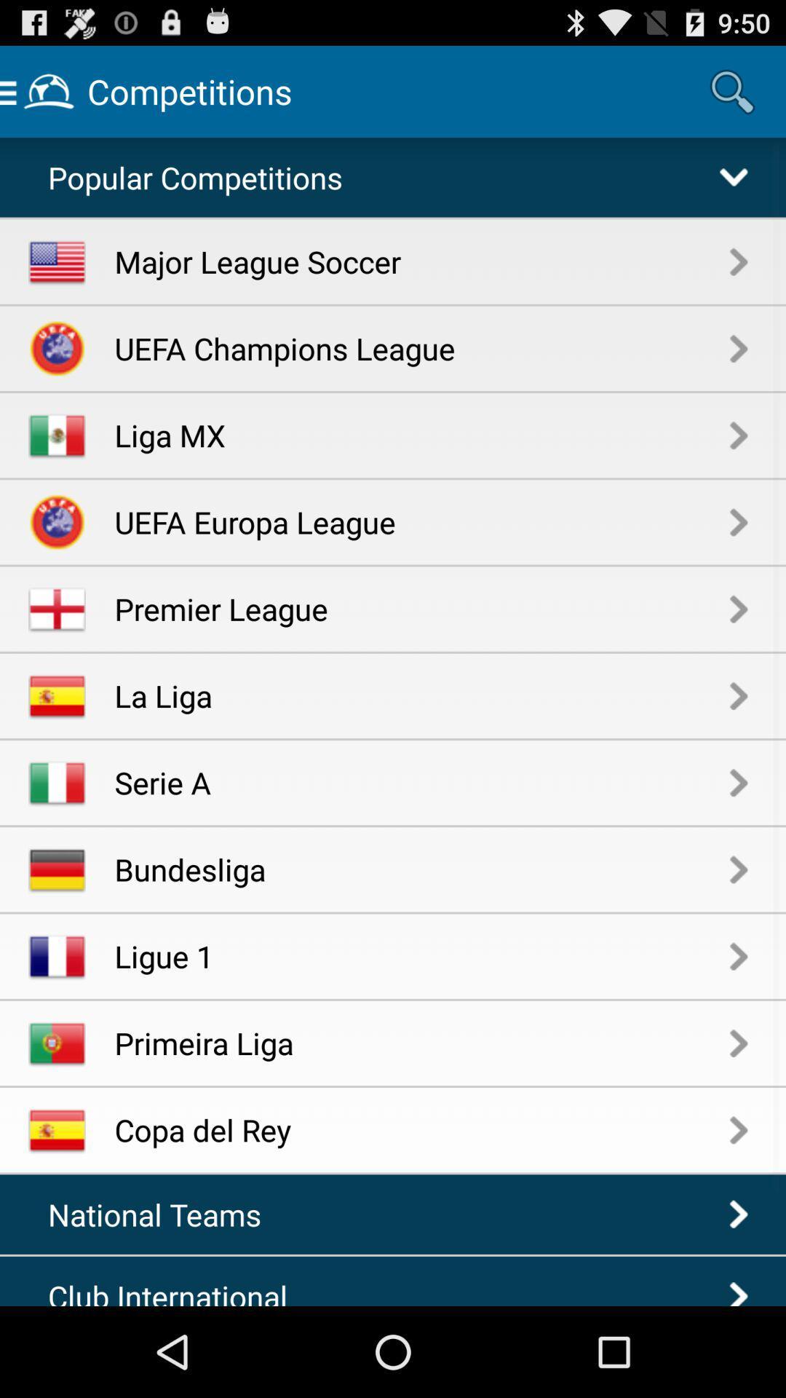 This screenshot has width=786, height=1398. Describe the element at coordinates (422, 1042) in the screenshot. I see `icon below the ligue 1 app` at that location.